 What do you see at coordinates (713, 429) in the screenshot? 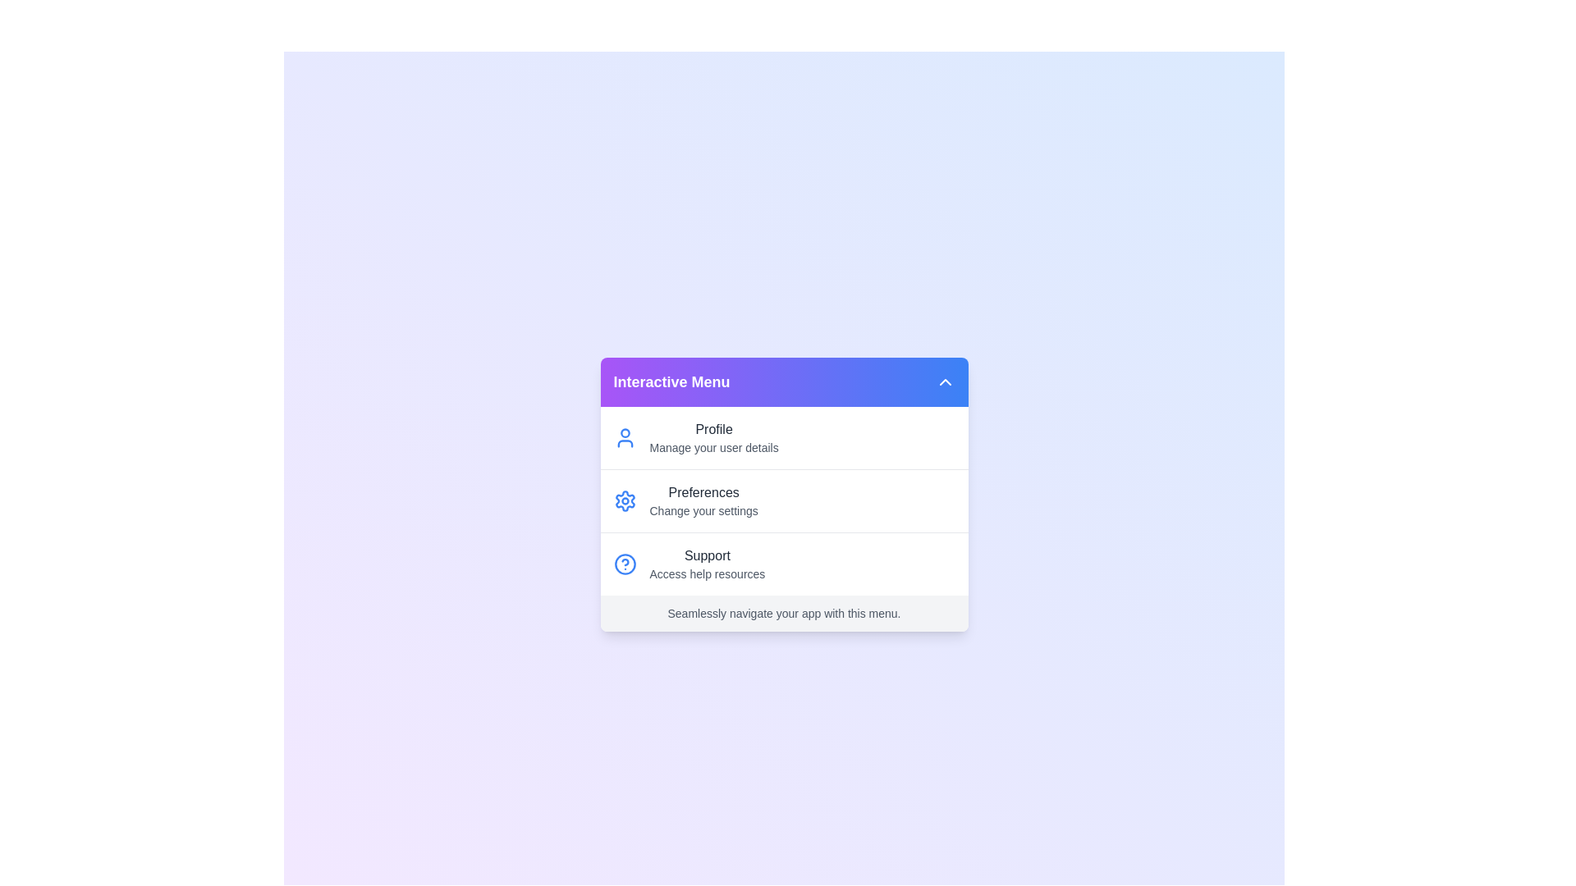
I see `the 'Profile' option in the menu` at bounding box center [713, 429].